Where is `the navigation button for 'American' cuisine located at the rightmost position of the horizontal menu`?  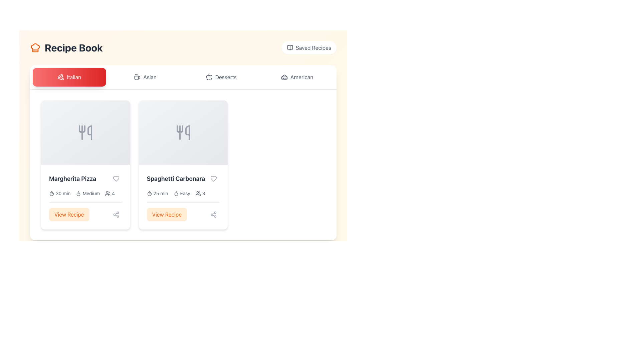 the navigation button for 'American' cuisine located at the rightmost position of the horizontal menu is located at coordinates (296, 77).